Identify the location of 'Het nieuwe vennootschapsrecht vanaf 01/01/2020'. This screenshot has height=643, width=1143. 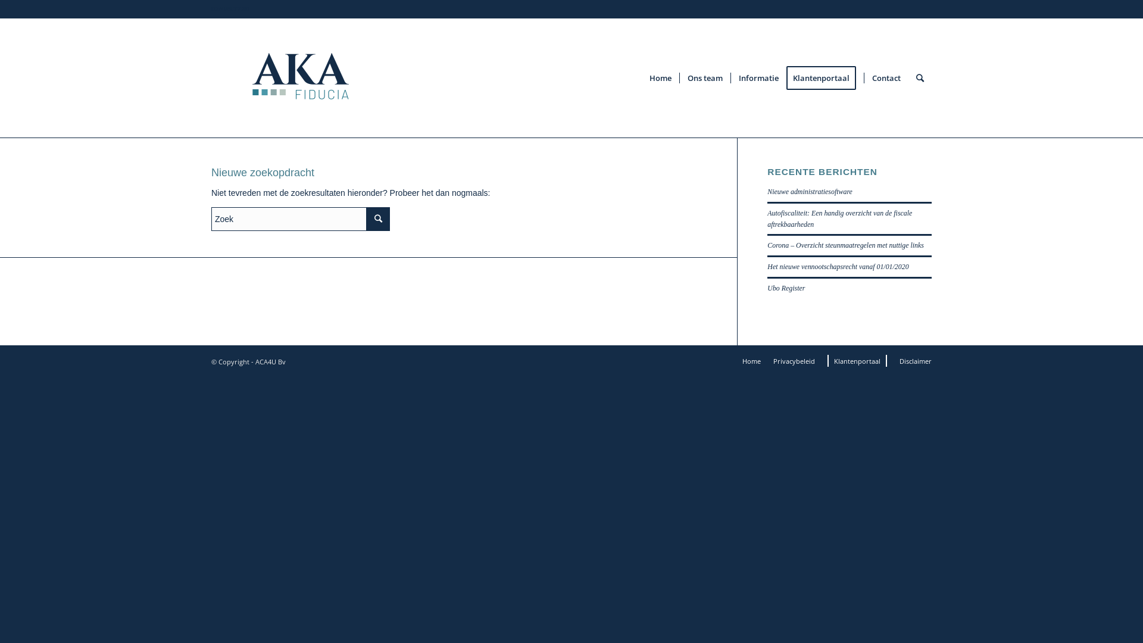
(767, 266).